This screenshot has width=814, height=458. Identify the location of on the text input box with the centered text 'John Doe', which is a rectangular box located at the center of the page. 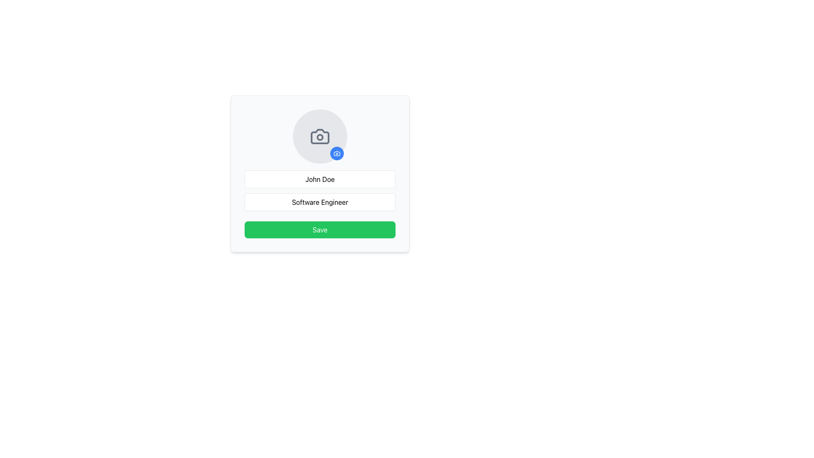
(319, 179).